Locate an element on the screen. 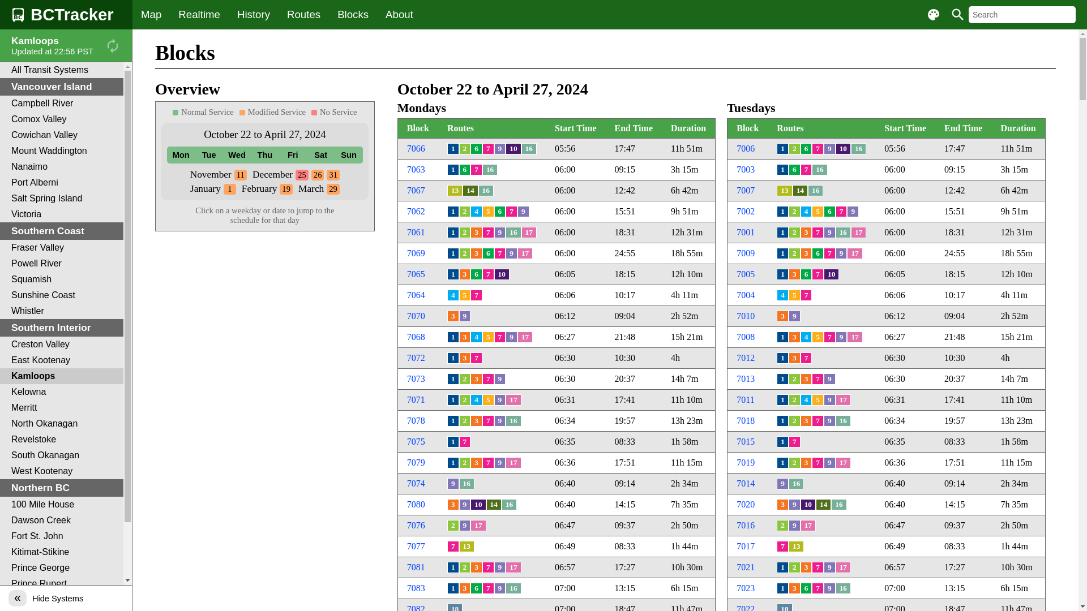 Image resolution: width=1087 pixels, height=611 pixels. '3' is located at coordinates (788, 588).